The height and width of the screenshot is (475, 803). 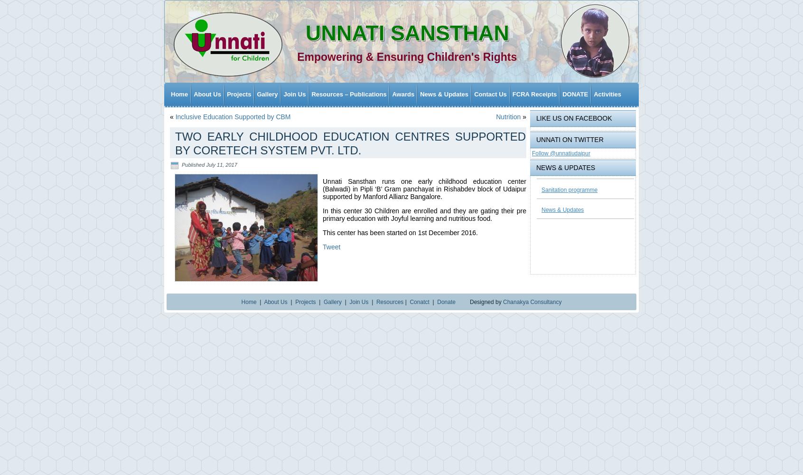 I want to click on 'Published', so click(x=193, y=164).